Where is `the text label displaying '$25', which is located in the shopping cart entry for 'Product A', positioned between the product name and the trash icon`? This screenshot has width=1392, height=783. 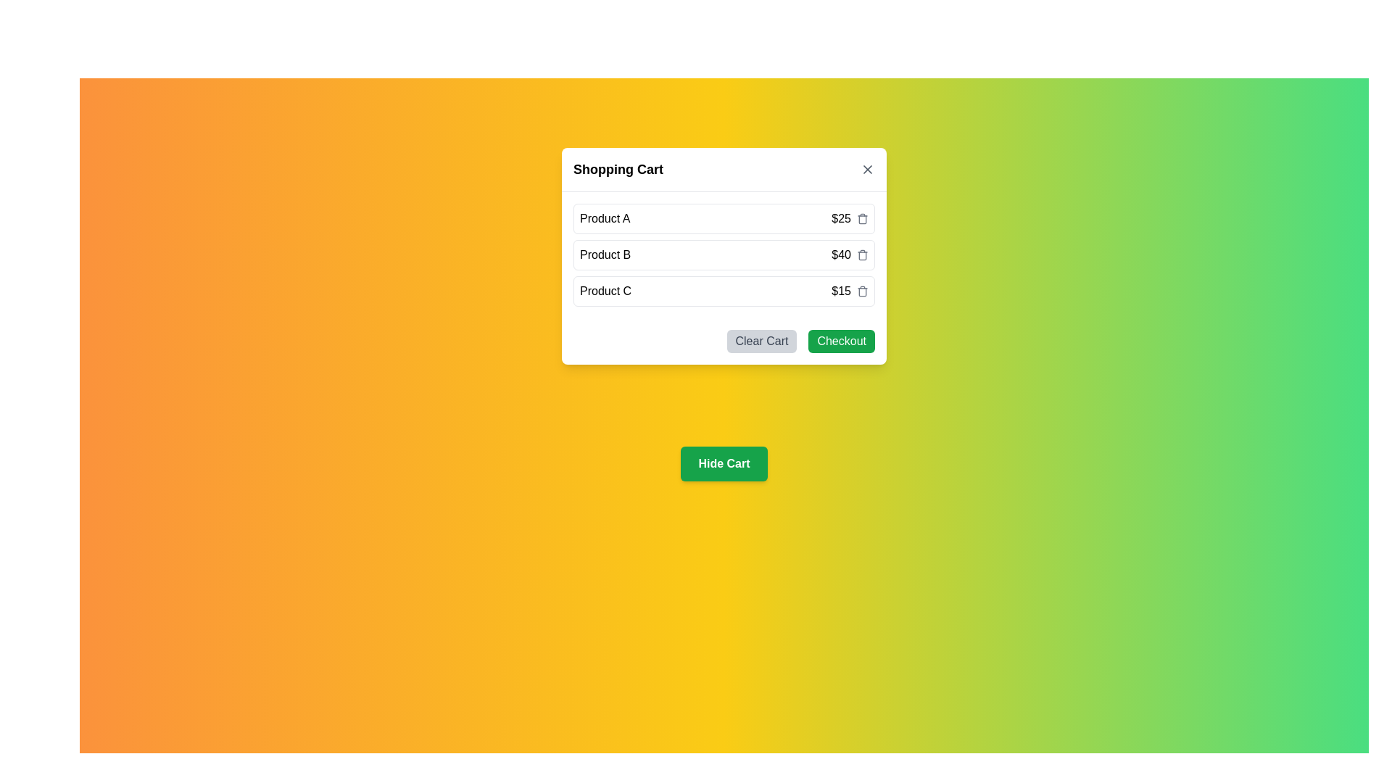
the text label displaying '$25', which is located in the shopping cart entry for 'Product A', positioned between the product name and the trash icon is located at coordinates (850, 218).